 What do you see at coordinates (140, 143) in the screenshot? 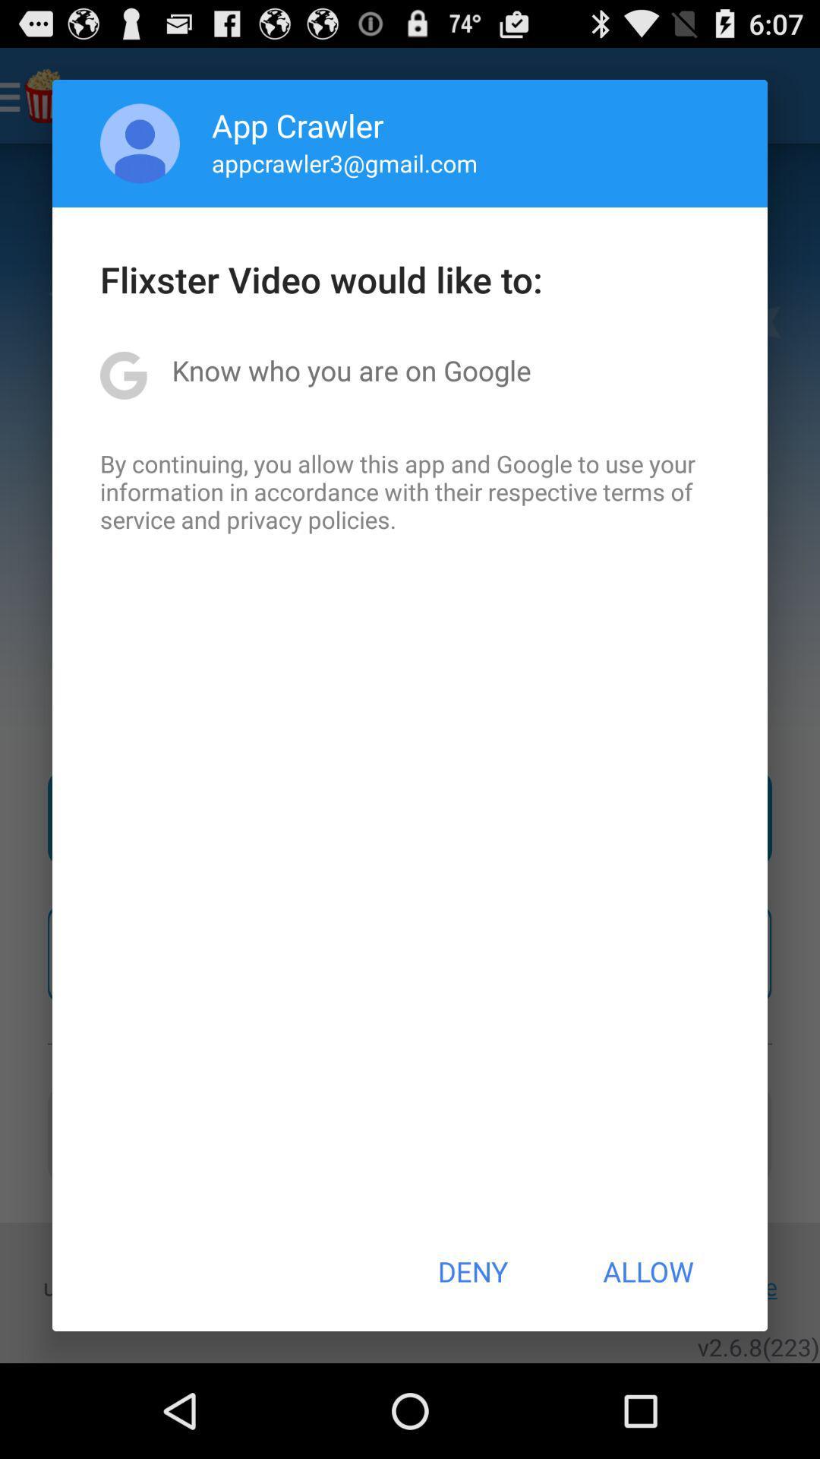
I see `icon next to the app crawler item` at bounding box center [140, 143].